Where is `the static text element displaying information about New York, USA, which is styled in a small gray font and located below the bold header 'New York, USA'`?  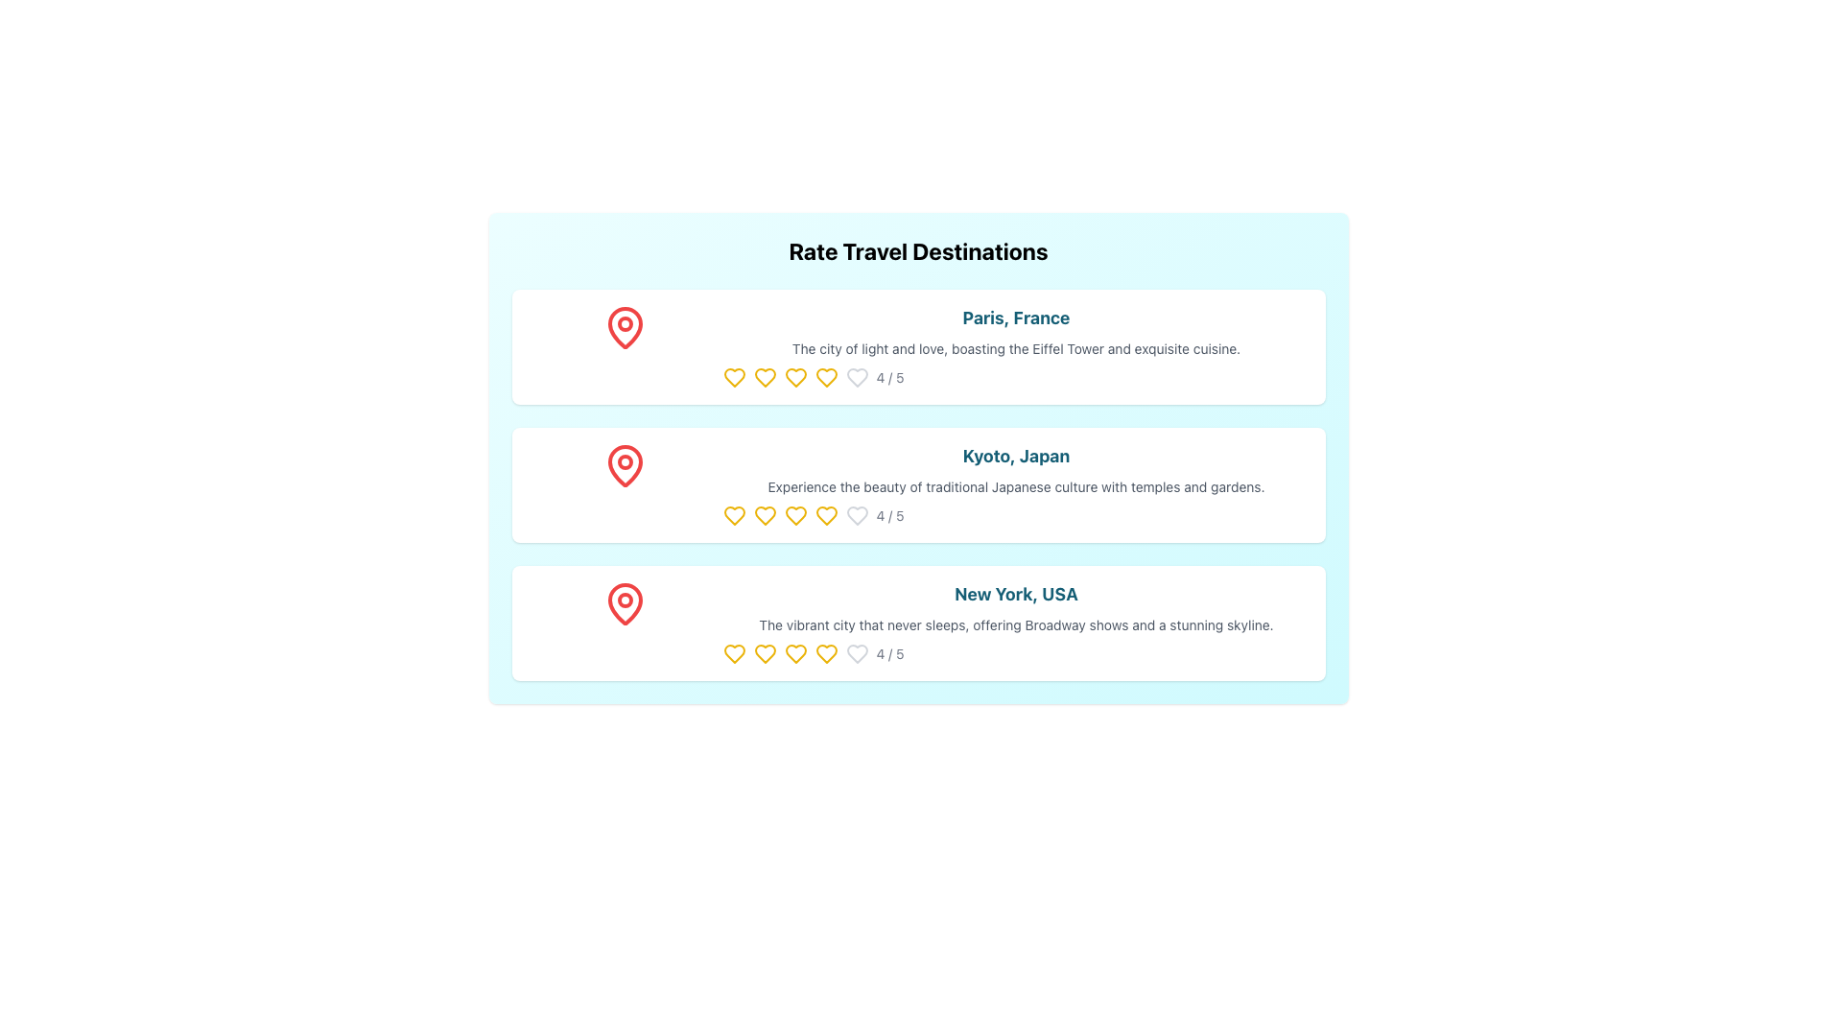 the static text element displaying information about New York, USA, which is styled in a small gray font and located below the bold header 'New York, USA' is located at coordinates (1015, 624).